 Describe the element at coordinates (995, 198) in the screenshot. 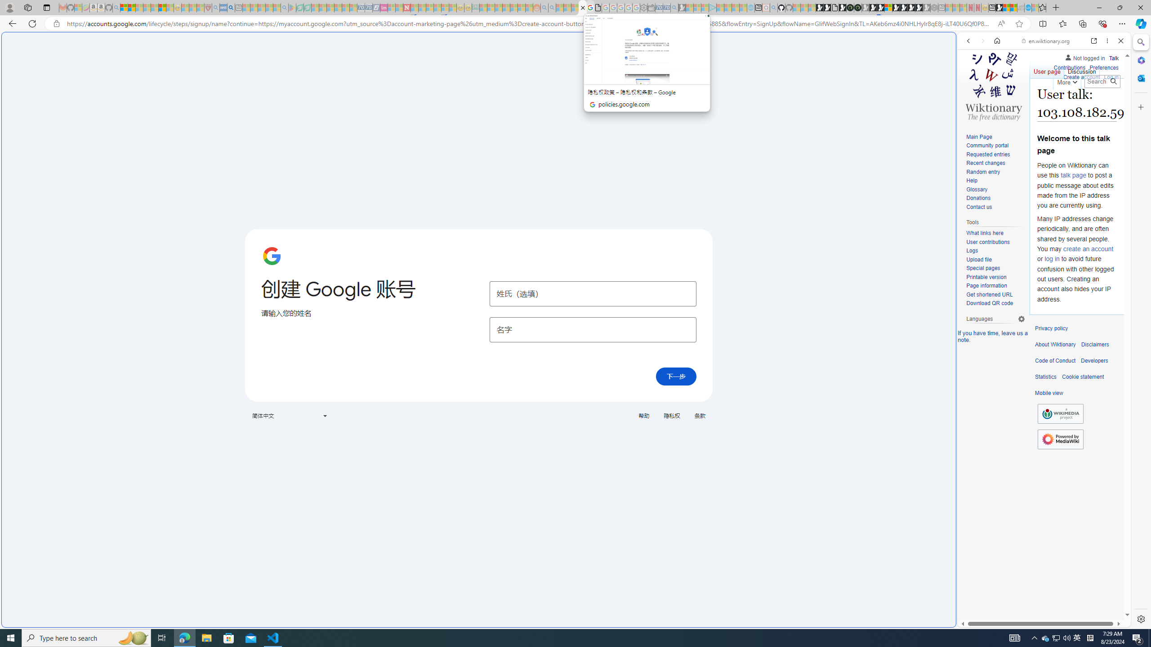

I see `'Donations'` at that location.